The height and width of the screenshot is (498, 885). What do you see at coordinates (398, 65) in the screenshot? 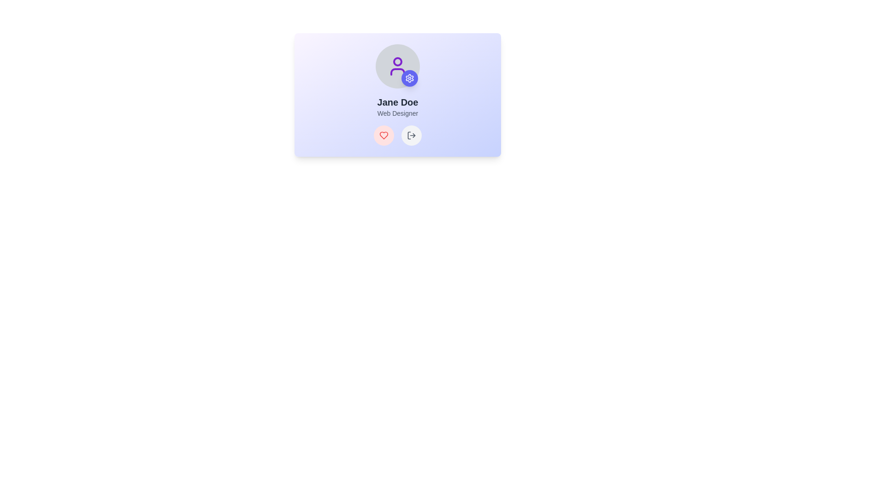
I see `the user profile icon for 'Jane Doe', which is located at the top-center of the card layout, above the name and title` at bounding box center [398, 65].